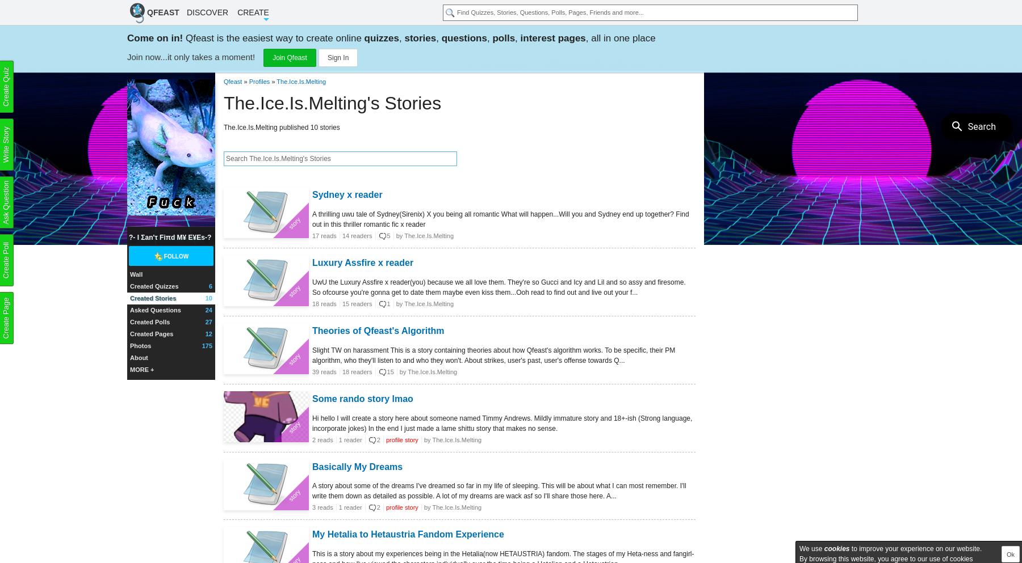 The height and width of the screenshot is (563, 1022). I want to click on '?- I ςan'τ fiπd m¥ ε¥εs-?', so click(169, 237).